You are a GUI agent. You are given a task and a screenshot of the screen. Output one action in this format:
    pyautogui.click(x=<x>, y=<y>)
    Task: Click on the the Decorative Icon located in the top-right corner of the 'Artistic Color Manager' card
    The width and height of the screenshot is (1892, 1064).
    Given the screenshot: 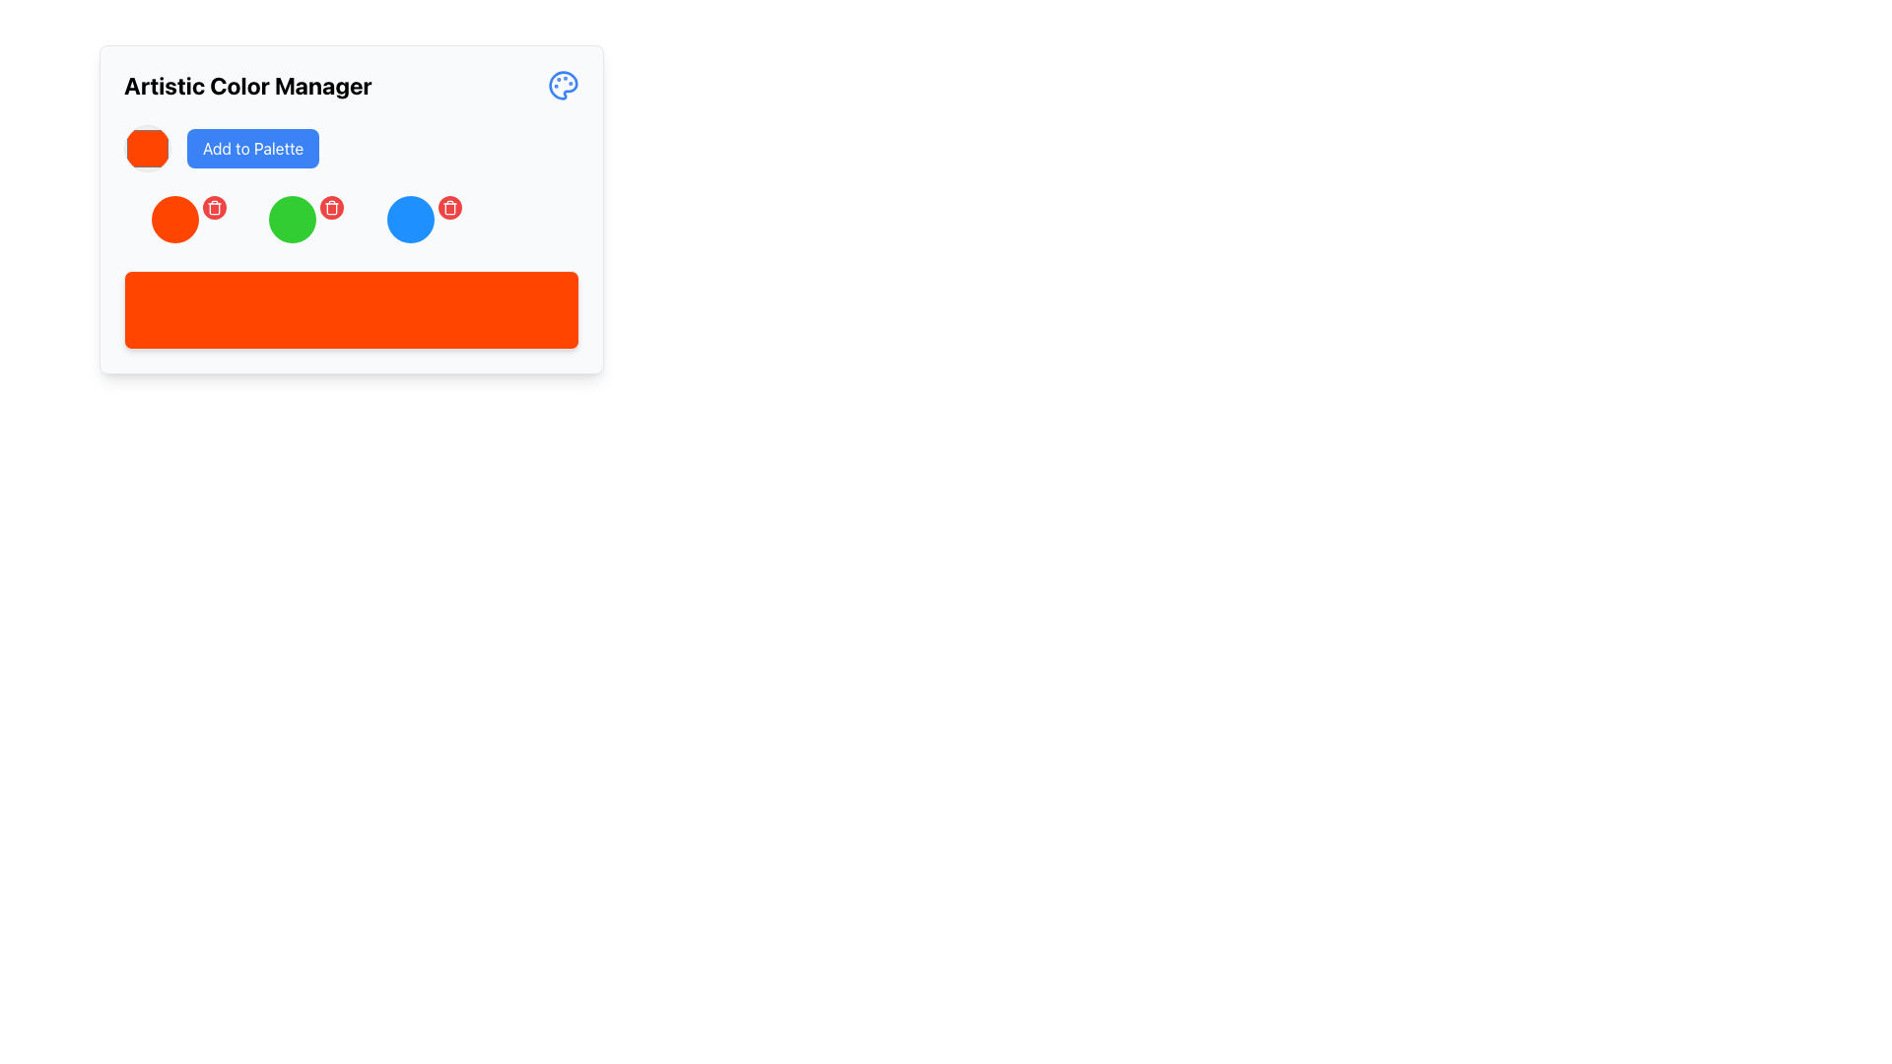 What is the action you would take?
    pyautogui.click(x=562, y=85)
    